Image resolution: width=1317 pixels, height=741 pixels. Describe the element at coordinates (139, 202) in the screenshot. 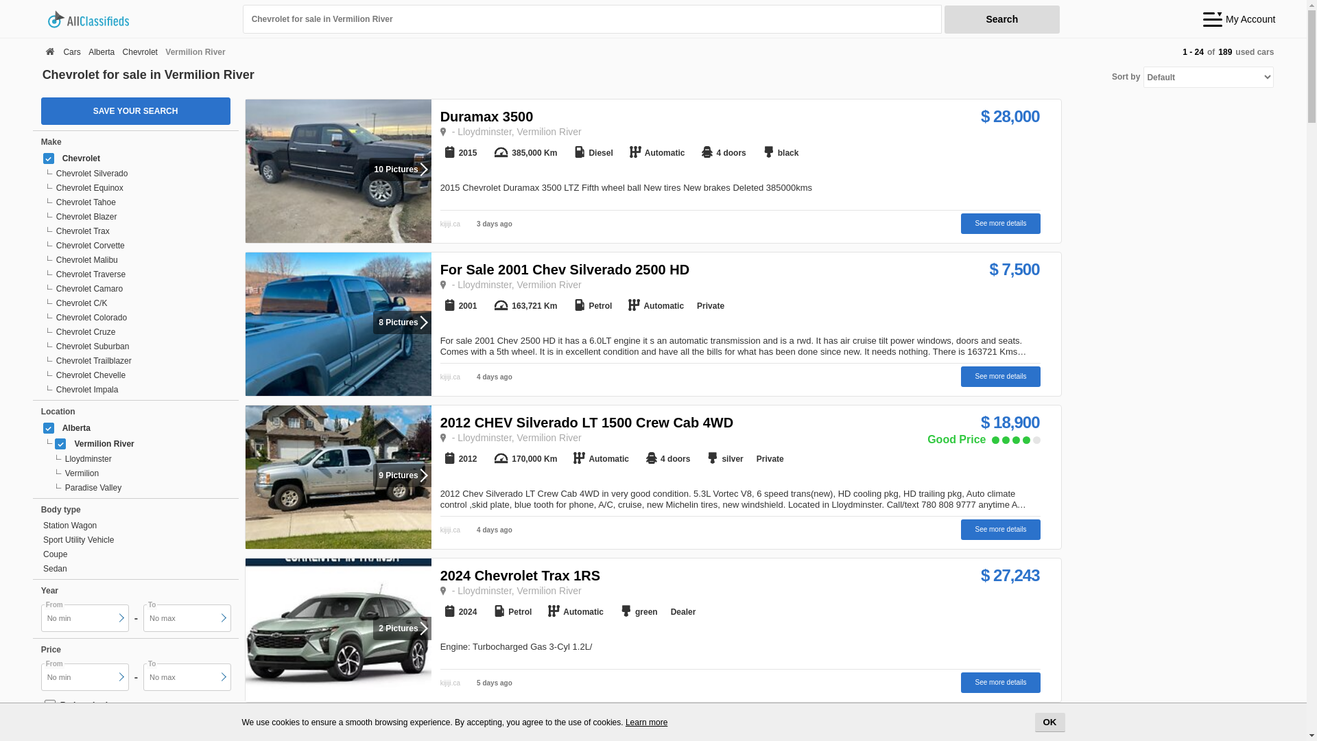

I see `'Chevrolet Tahoe'` at that location.